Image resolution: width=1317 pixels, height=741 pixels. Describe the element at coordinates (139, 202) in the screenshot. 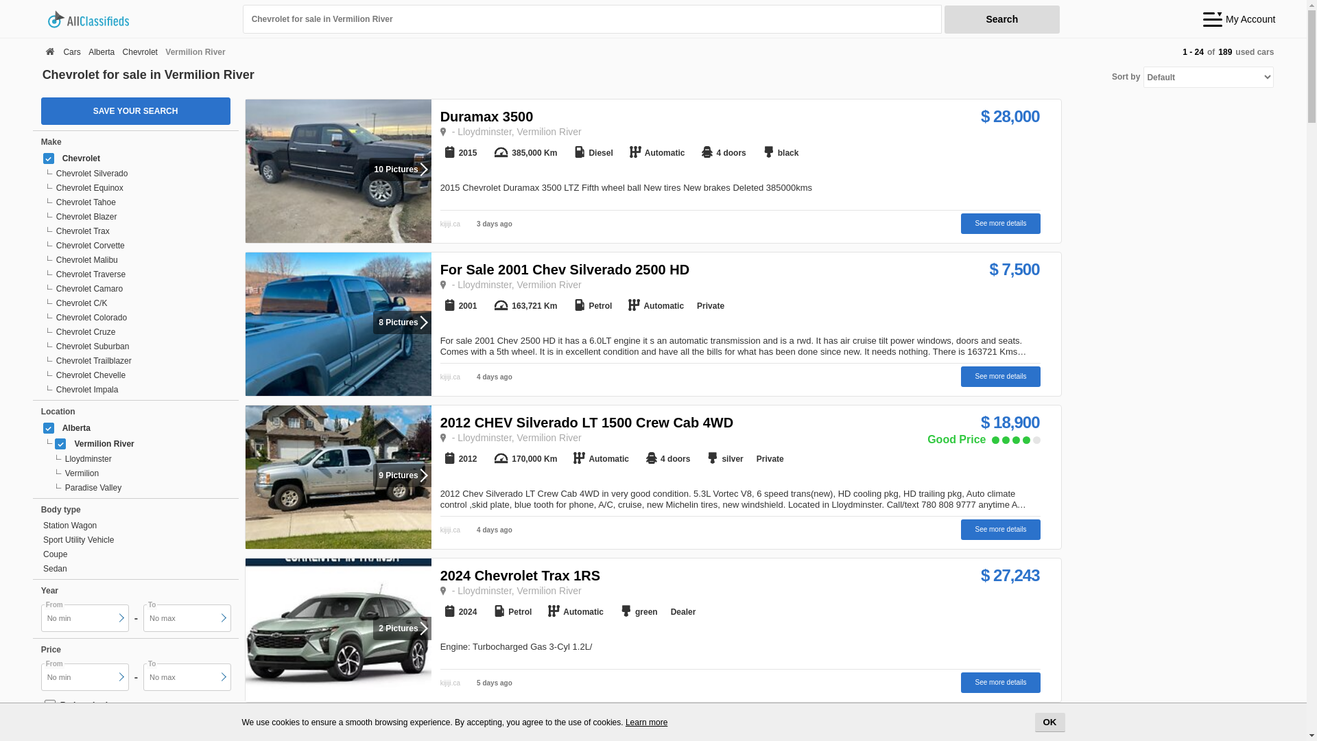

I see `'Chevrolet Tahoe'` at that location.